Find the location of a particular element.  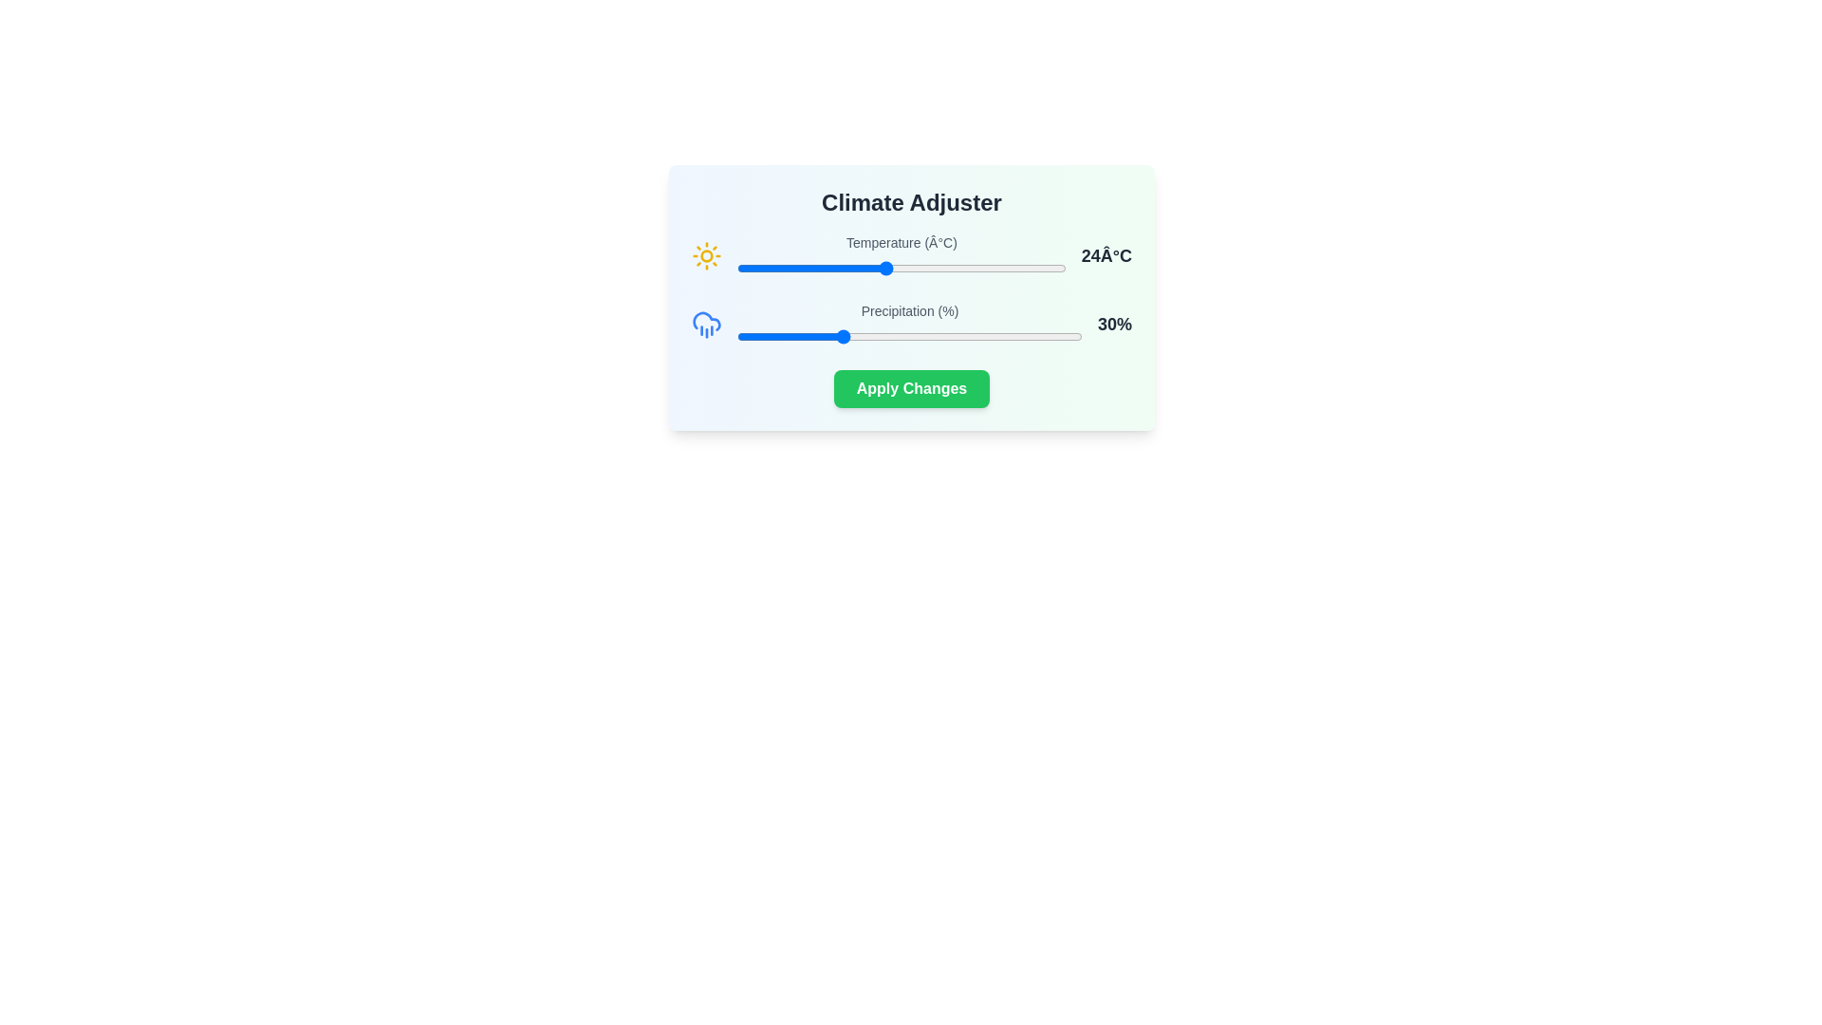

the temperature slider to 23°C is located at coordinates (867, 268).